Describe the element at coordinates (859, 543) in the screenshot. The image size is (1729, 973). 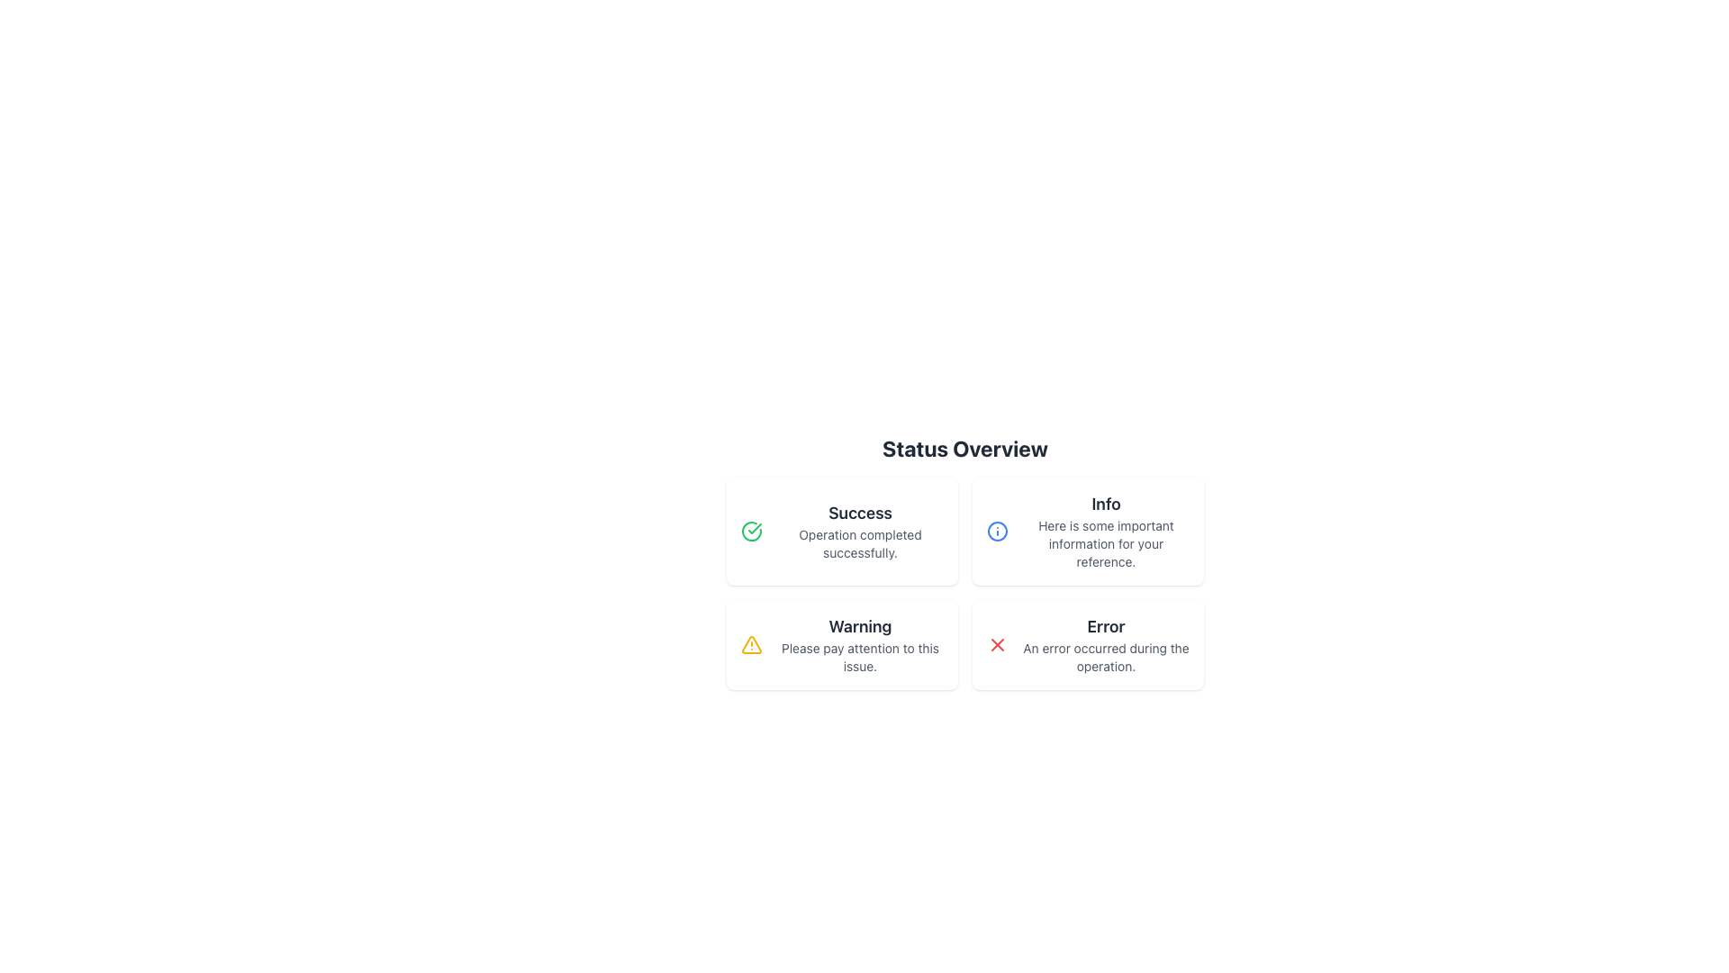
I see `text string that displays 'Operation completed successfully.' which is styled in light gray and positioned directly below the bolder text 'Success'` at that location.